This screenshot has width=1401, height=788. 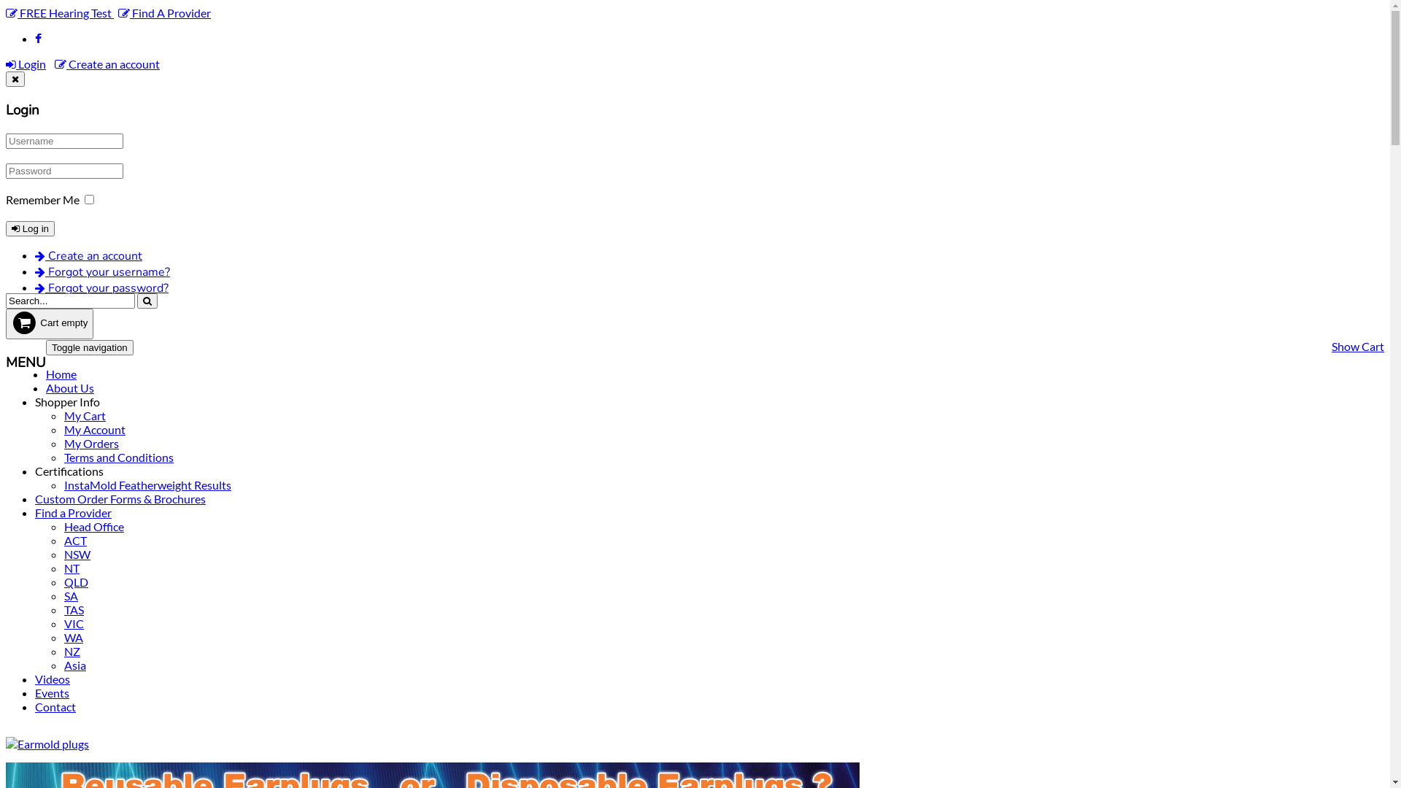 What do you see at coordinates (120, 498) in the screenshot?
I see `'Custom Order Forms & Brochures'` at bounding box center [120, 498].